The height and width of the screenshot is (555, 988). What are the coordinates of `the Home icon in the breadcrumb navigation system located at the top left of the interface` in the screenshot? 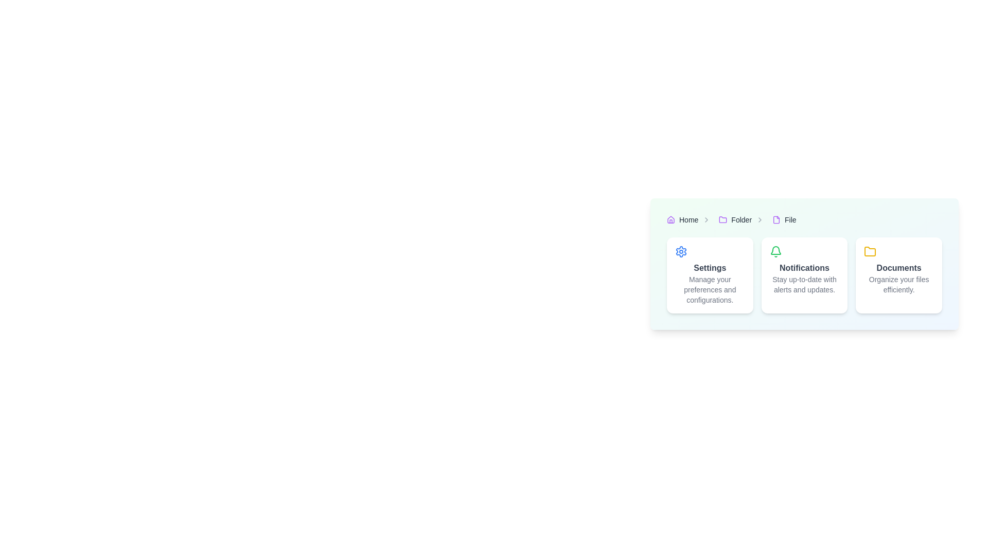 It's located at (671, 219).